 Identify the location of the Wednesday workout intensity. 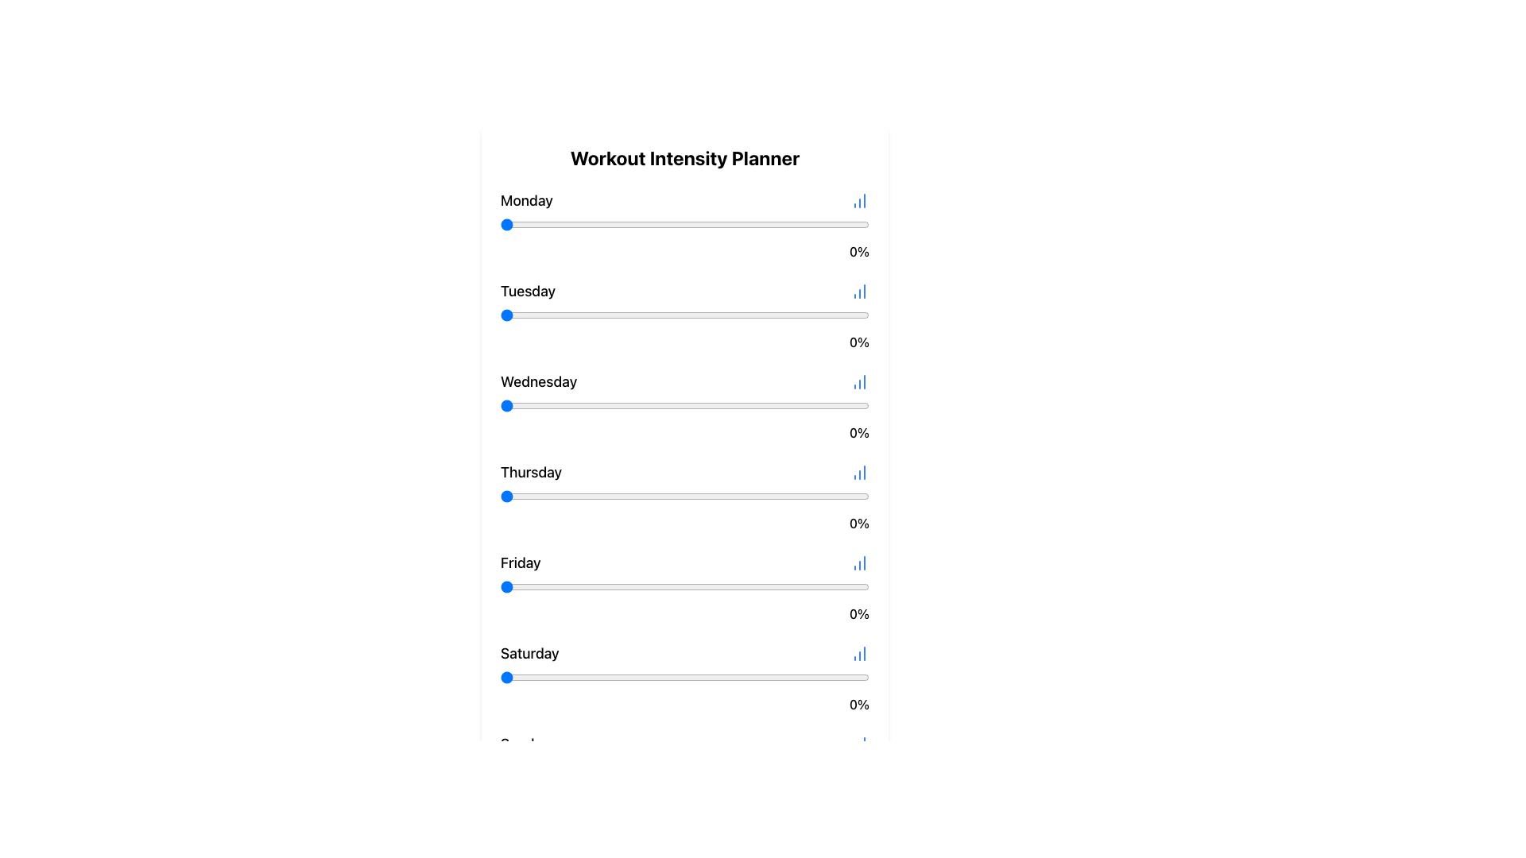
(769, 404).